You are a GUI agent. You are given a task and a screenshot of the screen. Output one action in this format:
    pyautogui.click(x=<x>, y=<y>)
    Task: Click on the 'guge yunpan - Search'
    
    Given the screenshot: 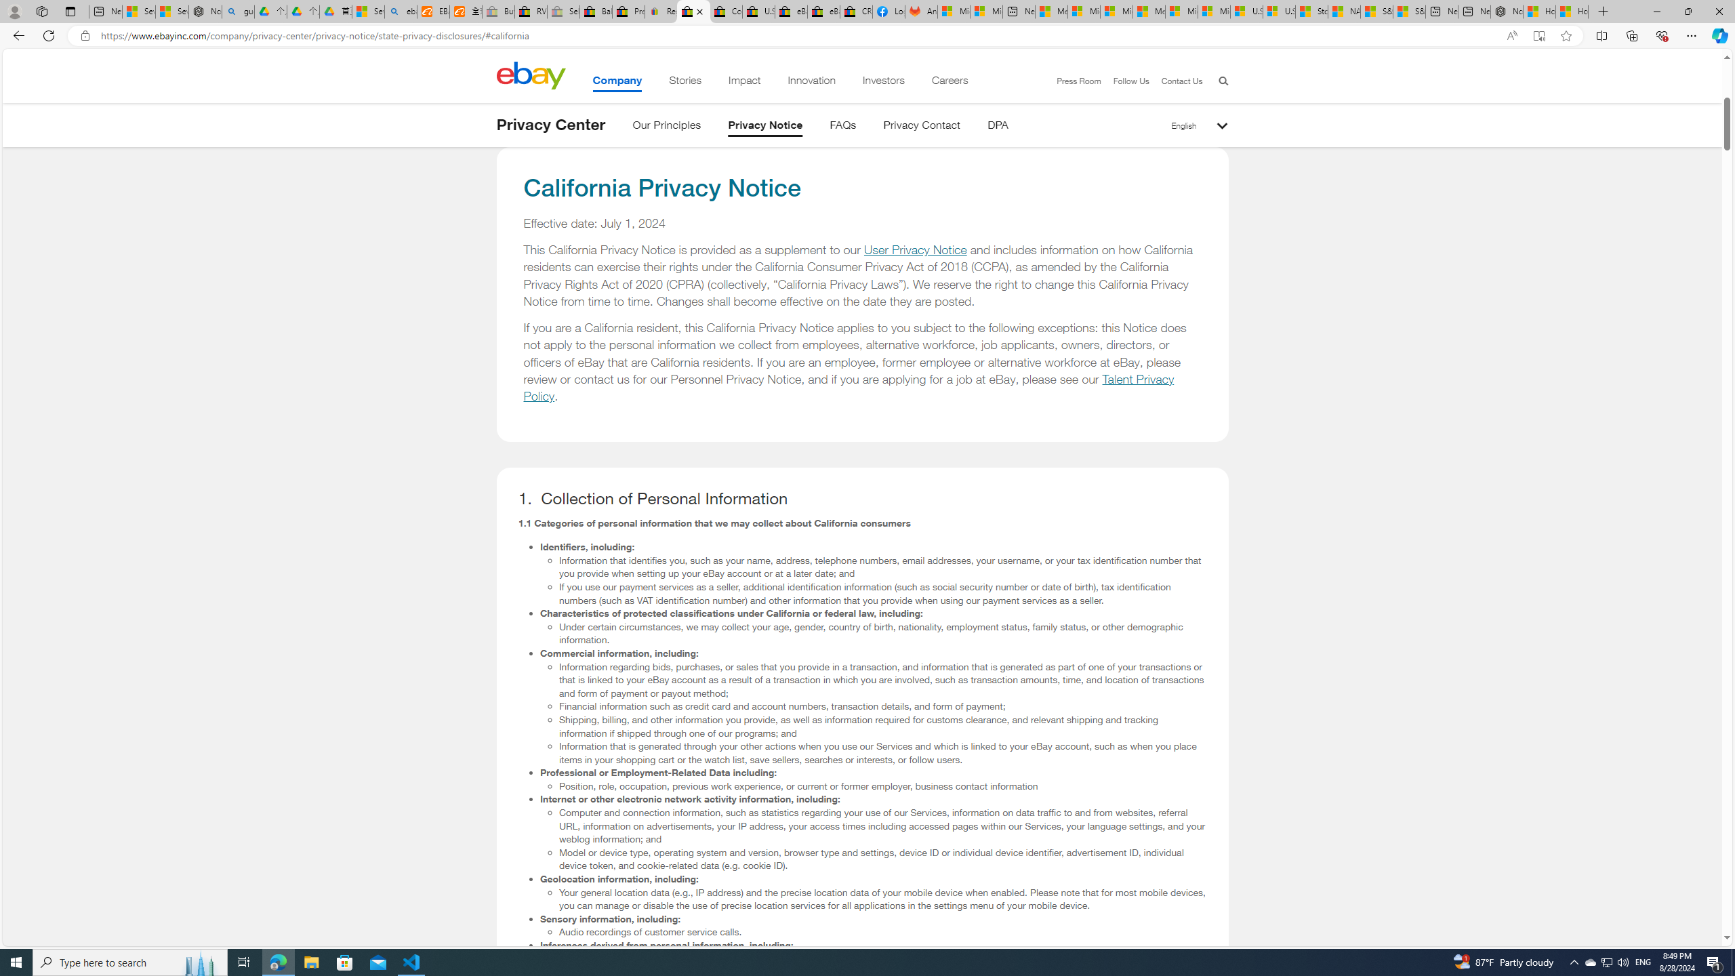 What is the action you would take?
    pyautogui.click(x=238, y=11)
    